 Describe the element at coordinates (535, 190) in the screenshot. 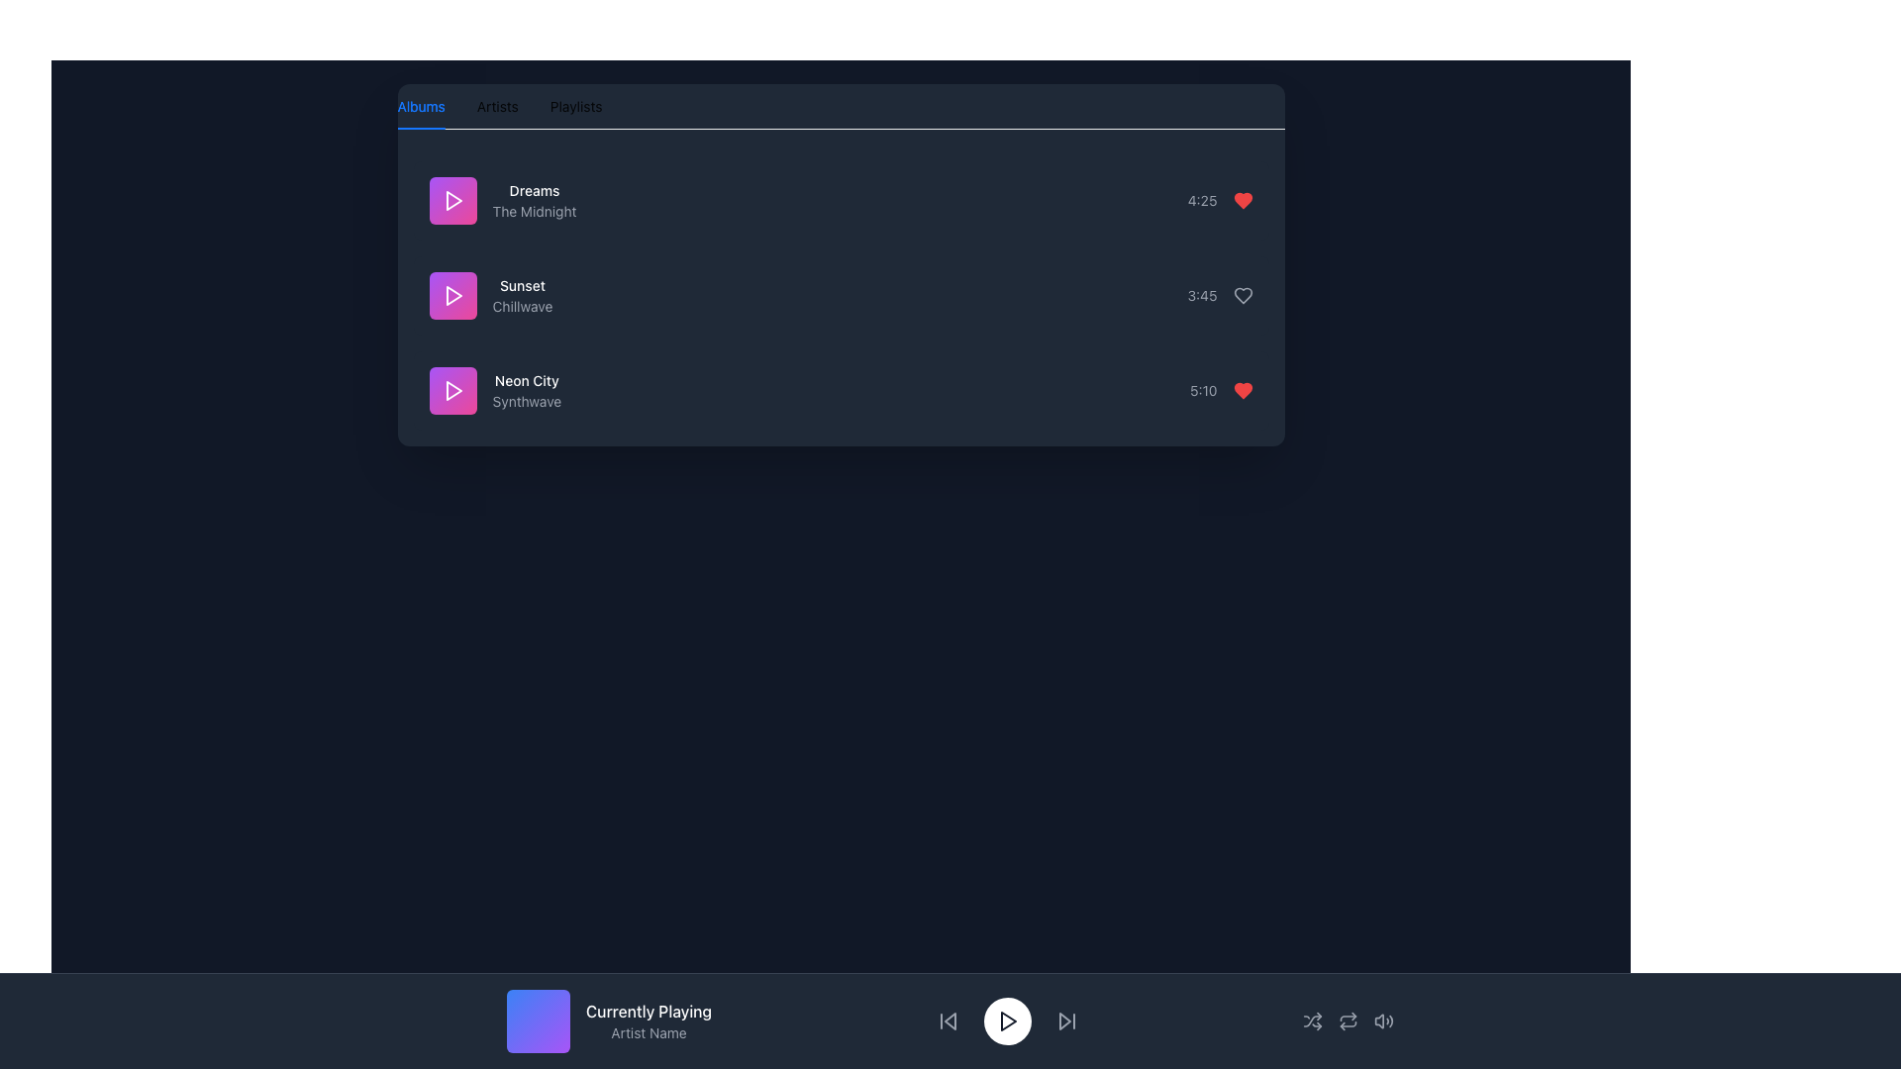

I see `the text label displaying 'Dreams' in white color, positioned at the top-left of the first list item in the song list` at that location.